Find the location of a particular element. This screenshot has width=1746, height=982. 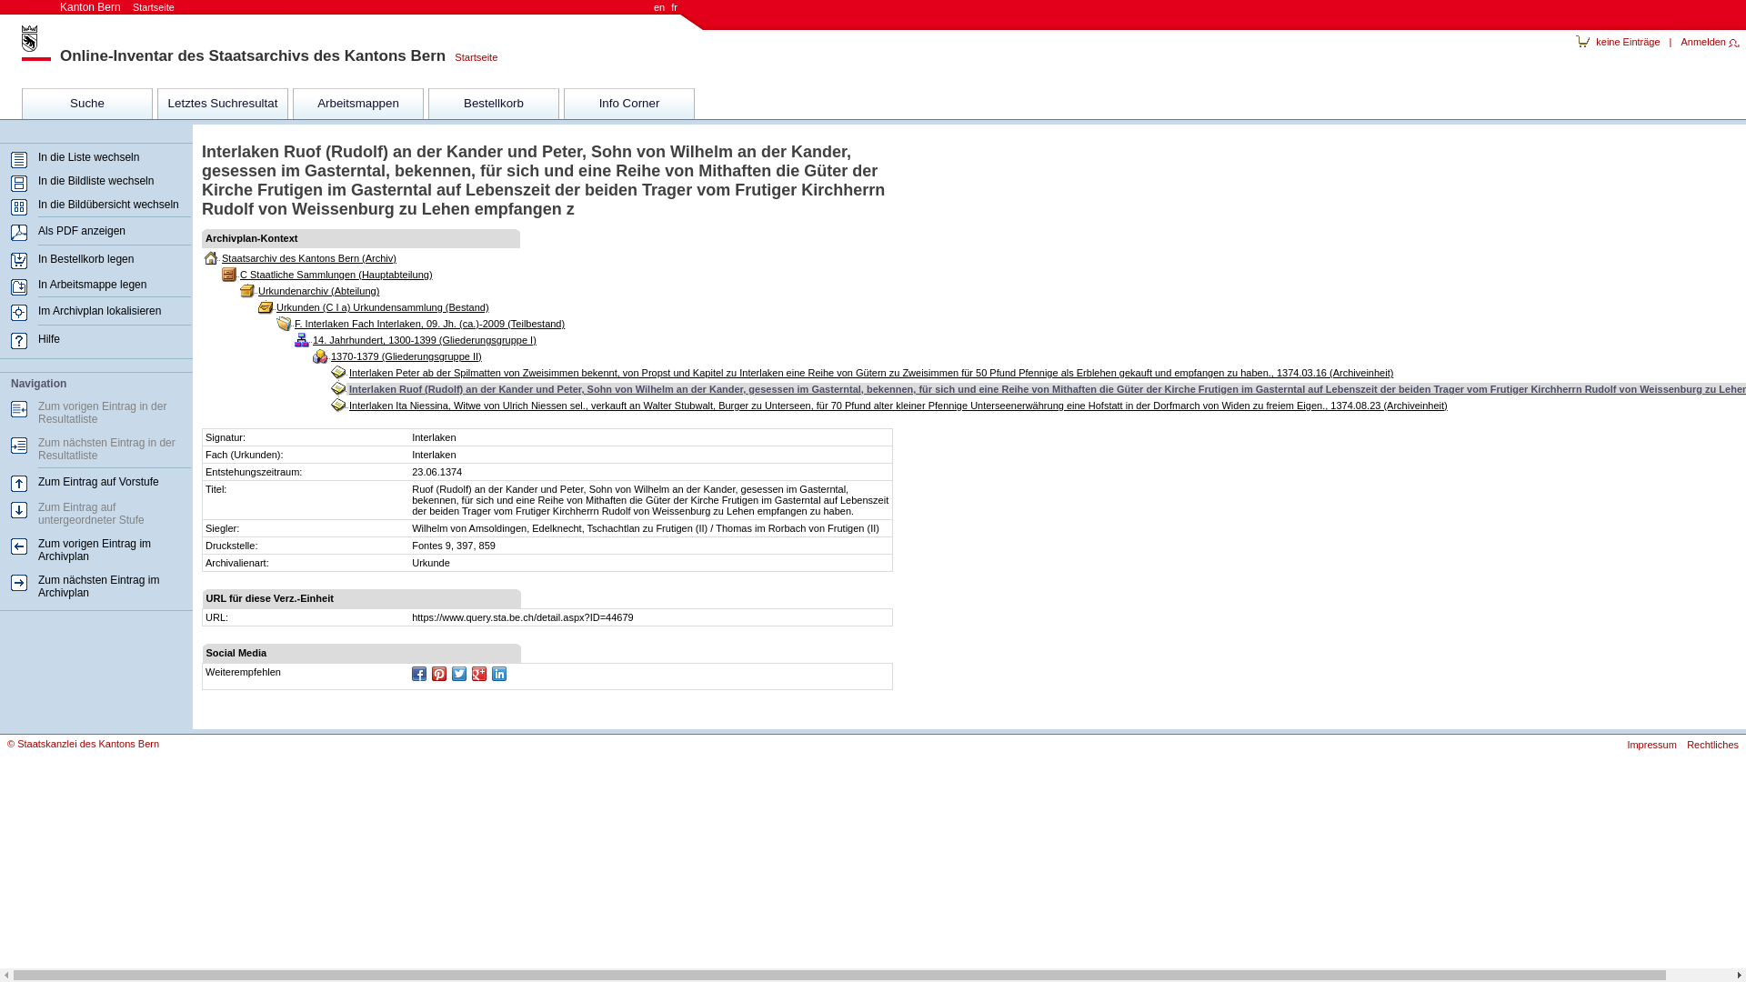

'Linkedin' is located at coordinates (498, 673).